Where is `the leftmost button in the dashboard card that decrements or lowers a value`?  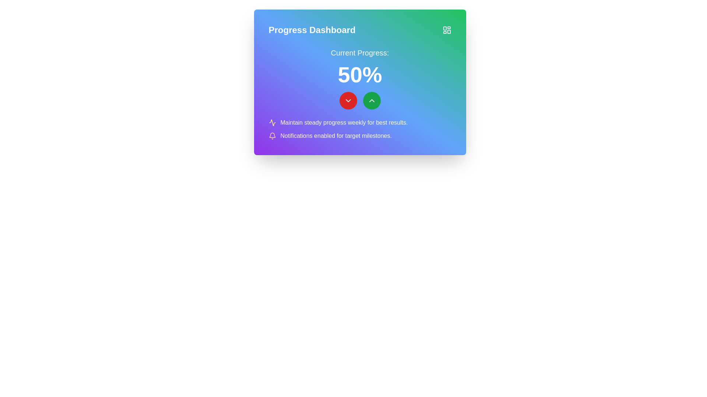 the leftmost button in the dashboard card that decrements or lowers a value is located at coordinates (348, 100).